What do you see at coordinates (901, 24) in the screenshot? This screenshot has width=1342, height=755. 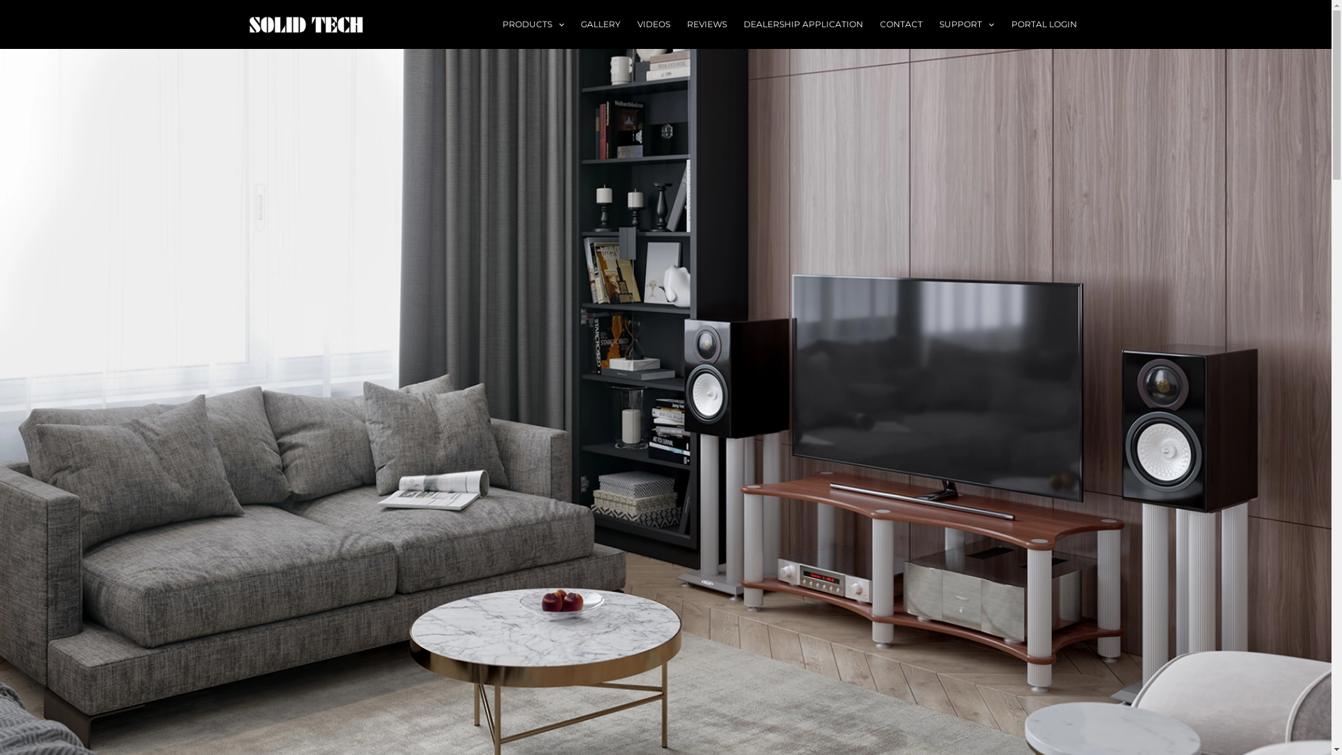 I see `'CONTACT'` at bounding box center [901, 24].